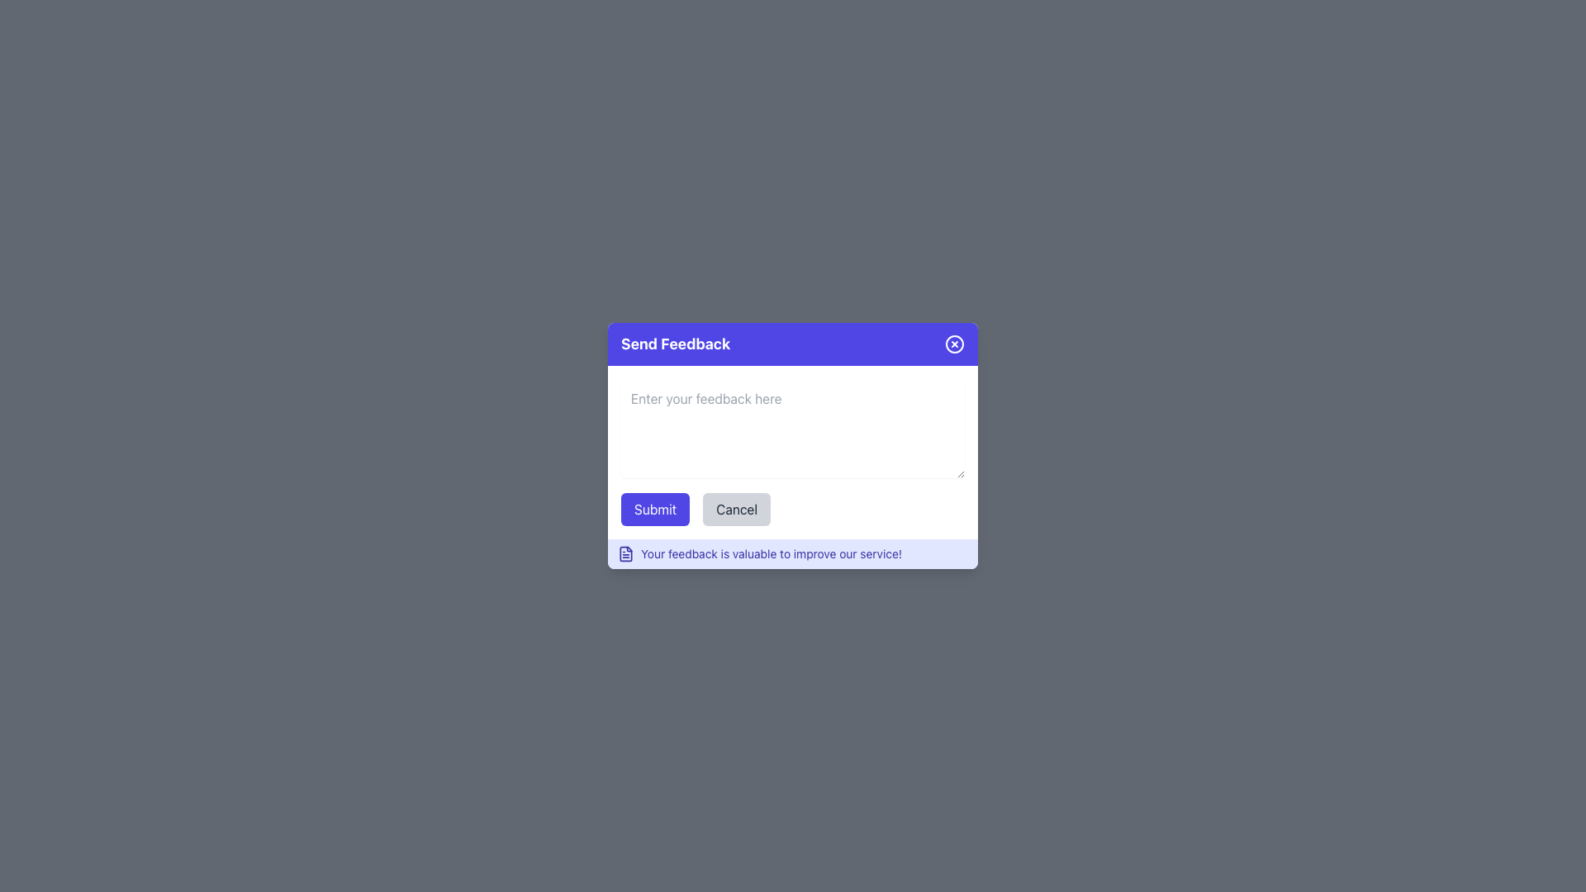 The height and width of the screenshot is (892, 1586). Describe the element at coordinates (676, 343) in the screenshot. I see `text from the 'Send Feedback' text label, which is prominently displayed in bold white on a purple background, located in the header section of the feedback form` at that location.